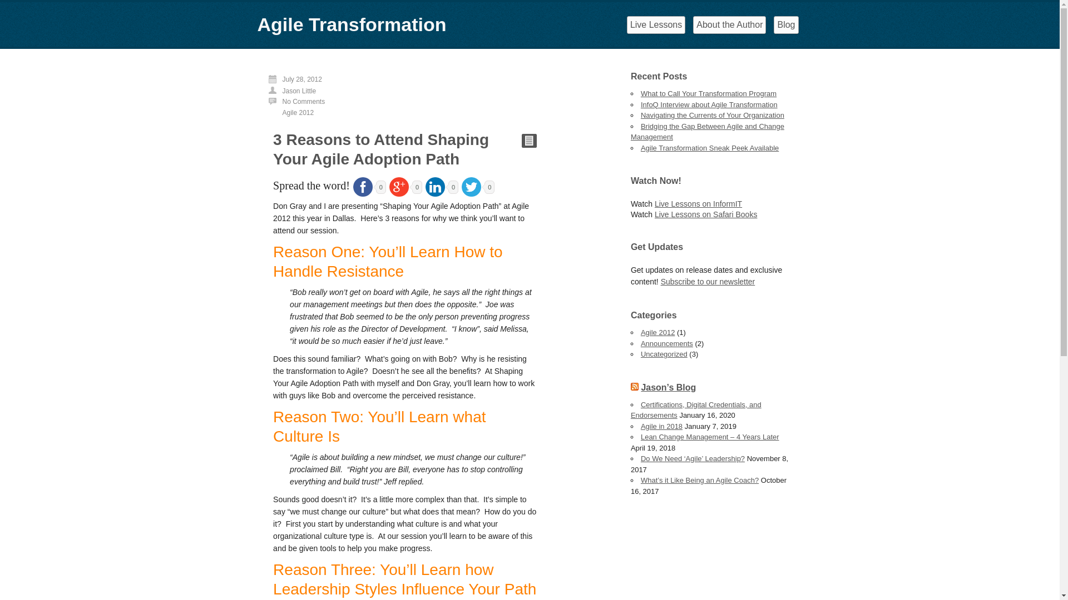 The image size is (1068, 600). I want to click on 'Live Lessons on Safari Books', so click(705, 214).